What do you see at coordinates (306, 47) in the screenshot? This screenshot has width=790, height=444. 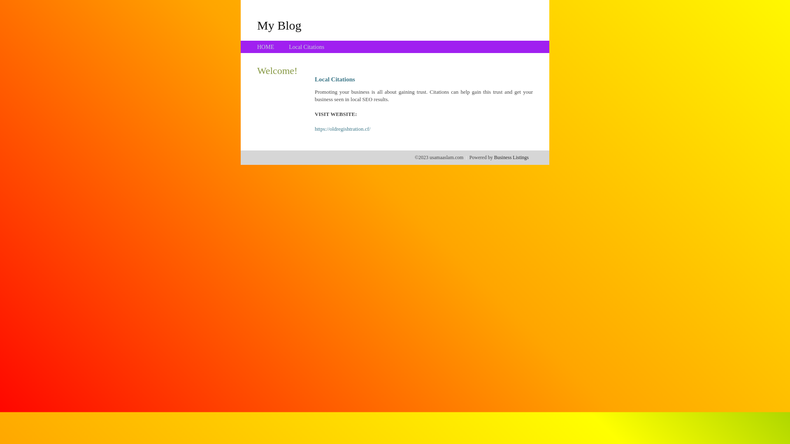 I see `'Local Citations'` at bounding box center [306, 47].